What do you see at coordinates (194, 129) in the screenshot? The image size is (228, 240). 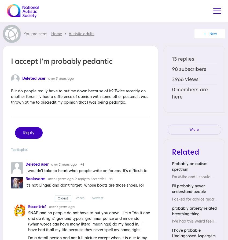 I see `'More'` at bounding box center [194, 129].